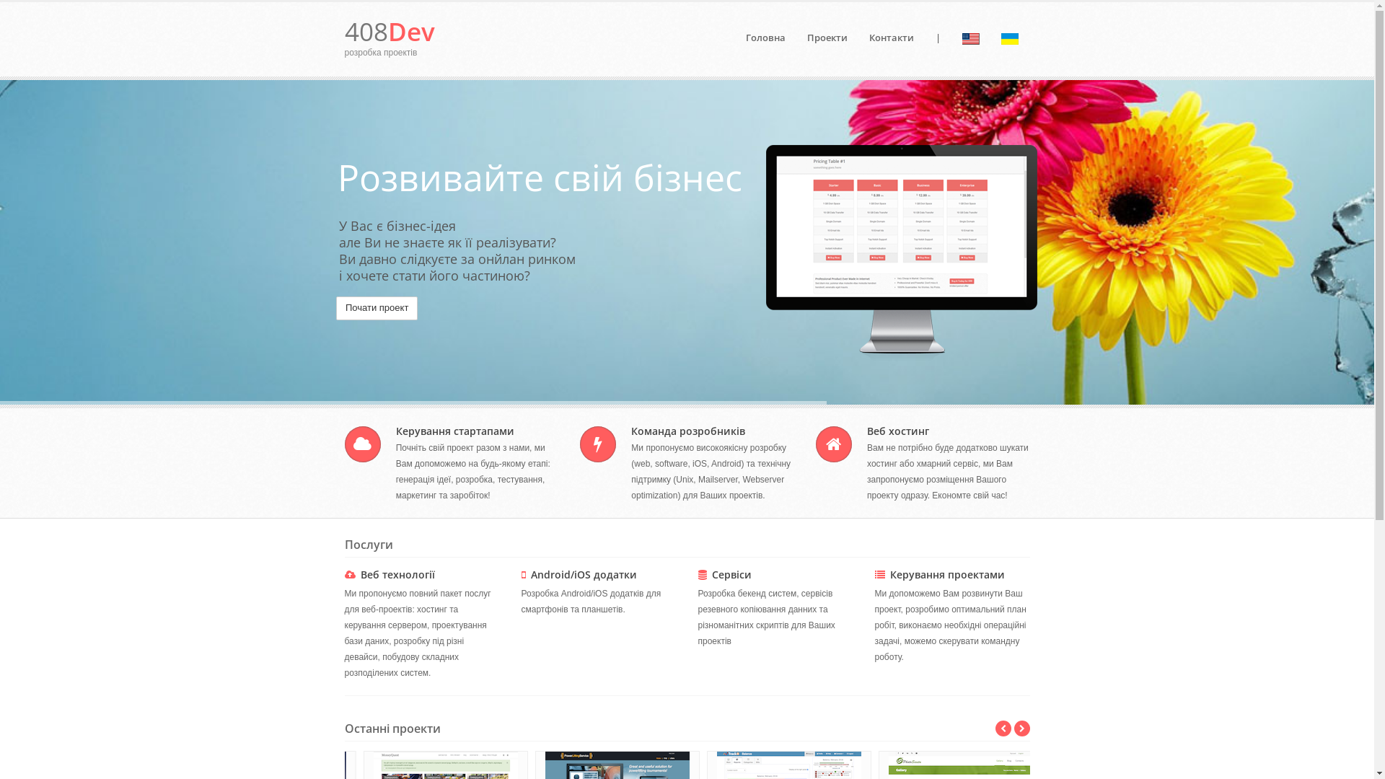 The width and height of the screenshot is (1385, 779). I want to click on '408Dev', so click(390, 31).